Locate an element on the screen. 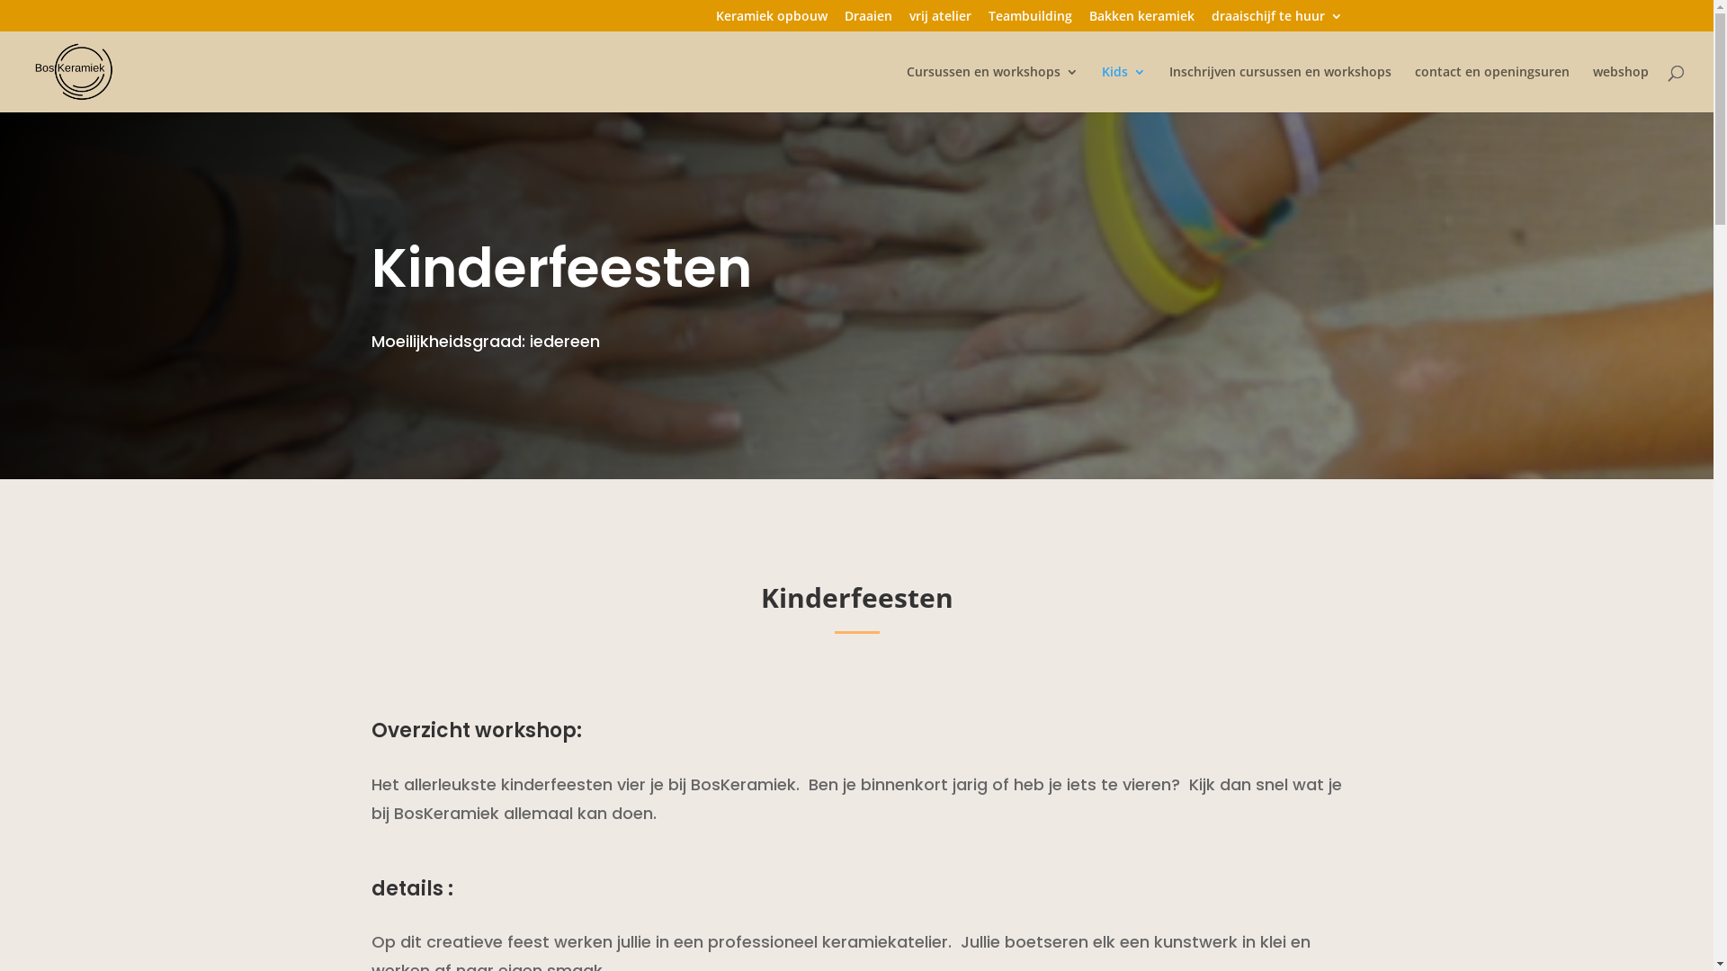  'vrij atelier' is located at coordinates (938, 20).